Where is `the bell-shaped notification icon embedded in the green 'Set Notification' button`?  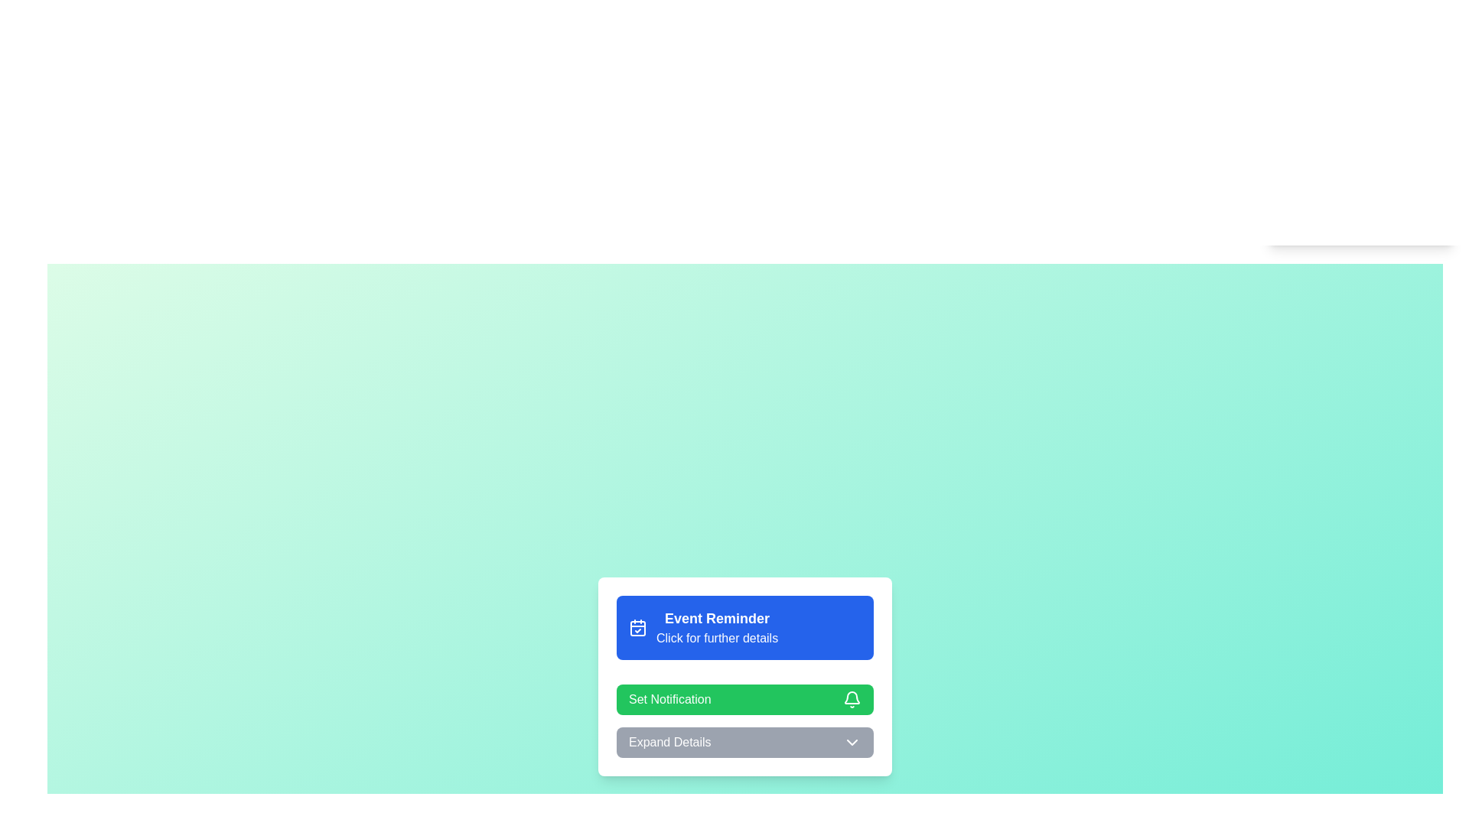 the bell-shaped notification icon embedded in the green 'Set Notification' button is located at coordinates (851, 698).